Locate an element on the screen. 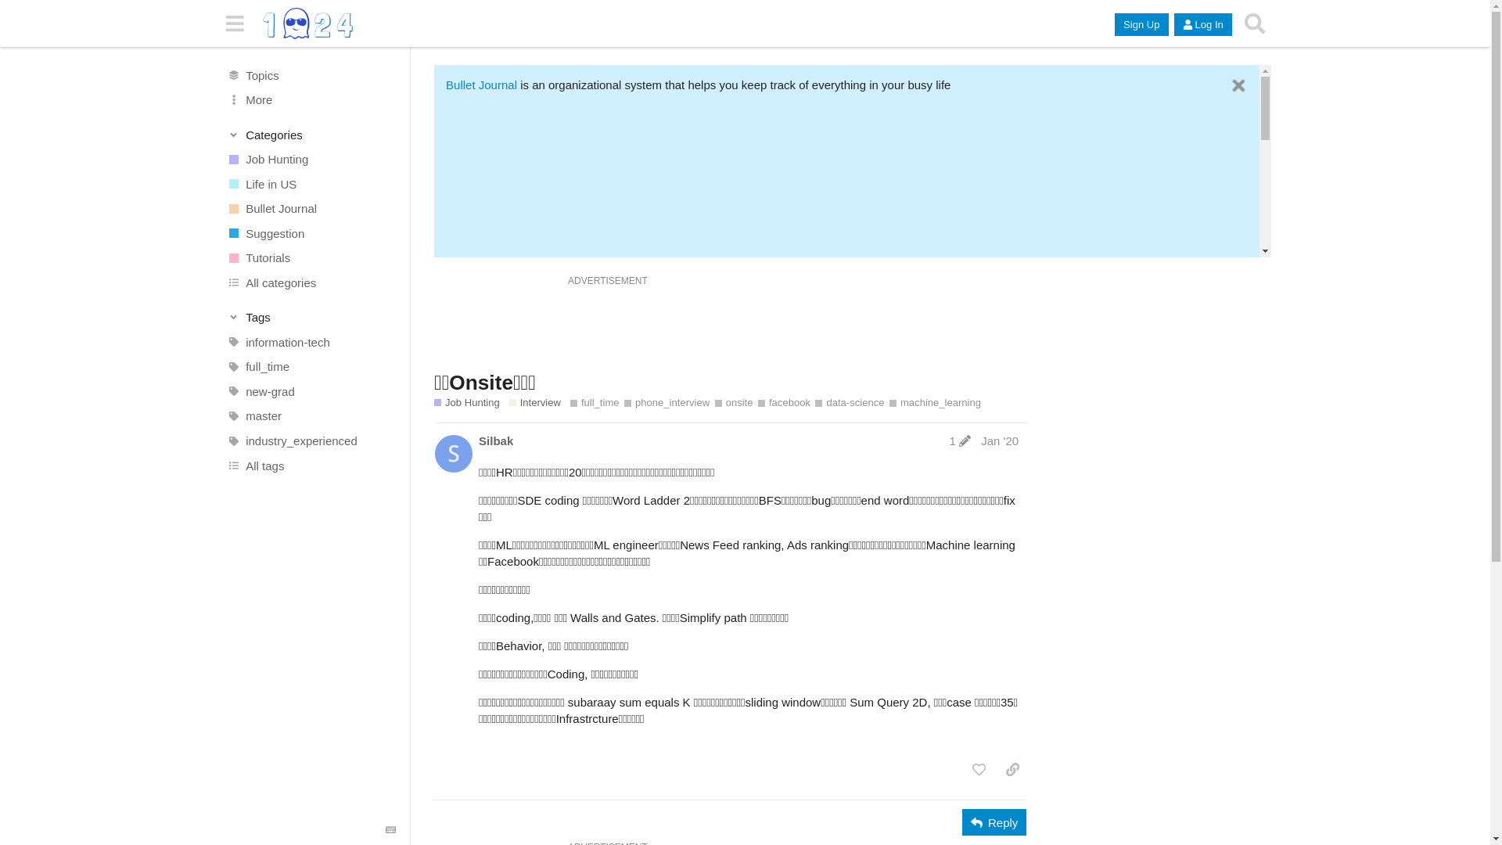  '1' is located at coordinates (959, 440).